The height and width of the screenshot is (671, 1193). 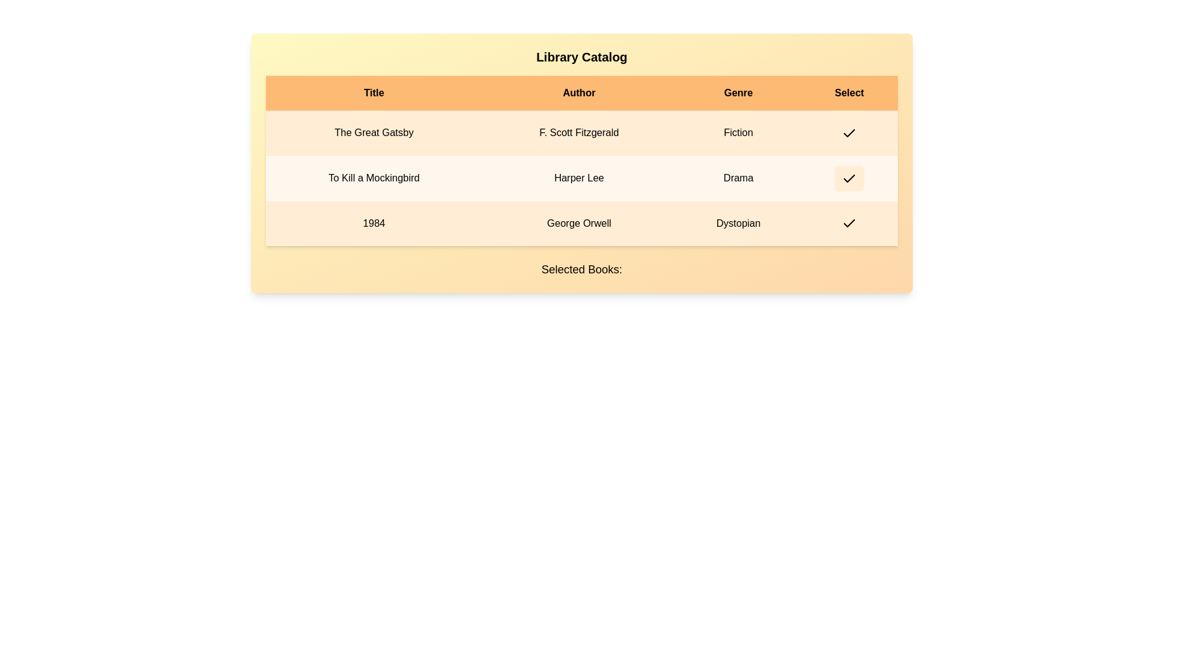 What do you see at coordinates (849, 224) in the screenshot?
I see `the toggle icon in the 'Select' column for the book entry '1984'` at bounding box center [849, 224].